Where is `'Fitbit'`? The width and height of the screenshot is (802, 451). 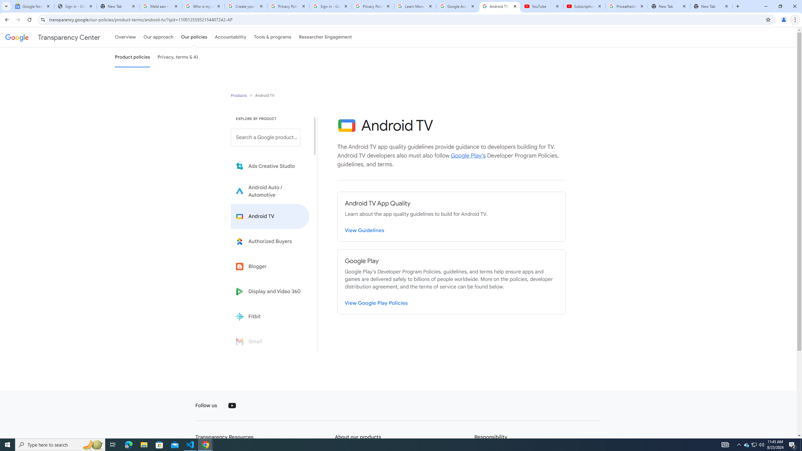 'Fitbit' is located at coordinates (270, 316).